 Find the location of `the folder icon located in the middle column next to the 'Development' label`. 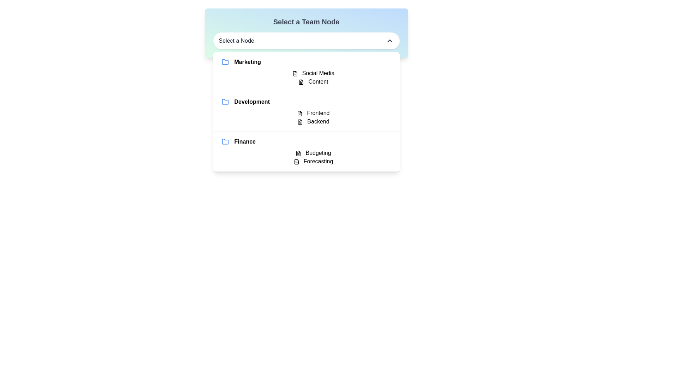

the folder icon located in the middle column next to the 'Development' label is located at coordinates (225, 102).